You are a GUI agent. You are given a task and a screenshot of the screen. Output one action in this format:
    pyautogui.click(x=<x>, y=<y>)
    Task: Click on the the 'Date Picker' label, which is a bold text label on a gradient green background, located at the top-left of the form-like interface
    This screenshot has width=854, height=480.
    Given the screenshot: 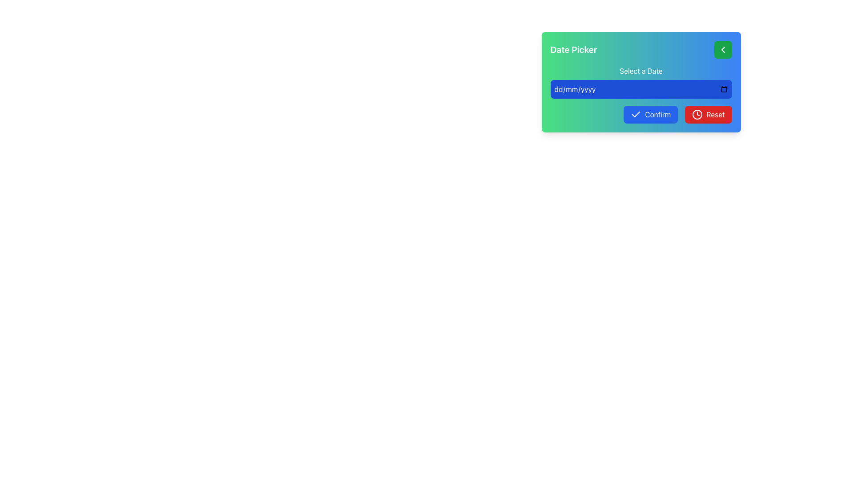 What is the action you would take?
    pyautogui.click(x=574, y=49)
    